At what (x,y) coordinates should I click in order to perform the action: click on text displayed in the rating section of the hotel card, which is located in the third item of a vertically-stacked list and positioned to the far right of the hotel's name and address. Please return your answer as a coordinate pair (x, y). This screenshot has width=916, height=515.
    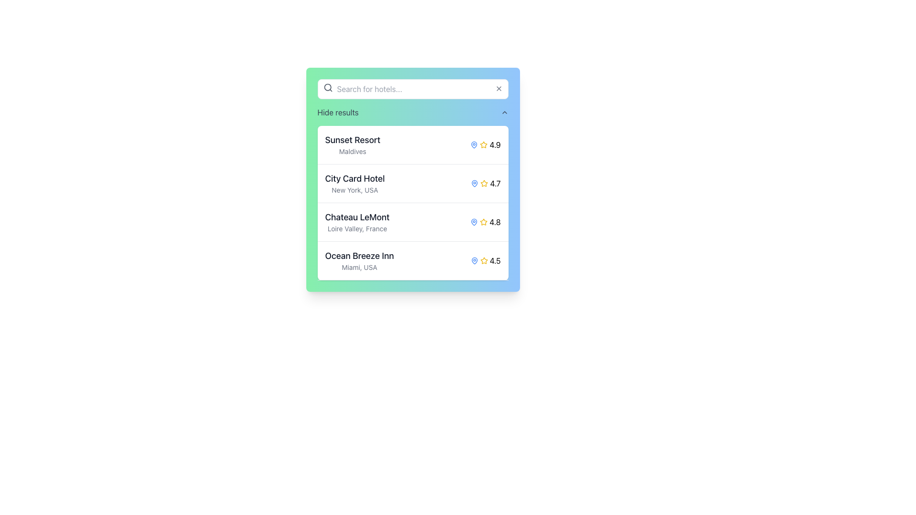
    Looking at the image, I should click on (485, 222).